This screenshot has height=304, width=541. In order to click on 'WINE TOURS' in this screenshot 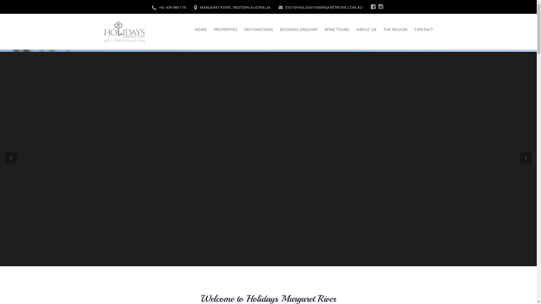, I will do `click(333, 29)`.